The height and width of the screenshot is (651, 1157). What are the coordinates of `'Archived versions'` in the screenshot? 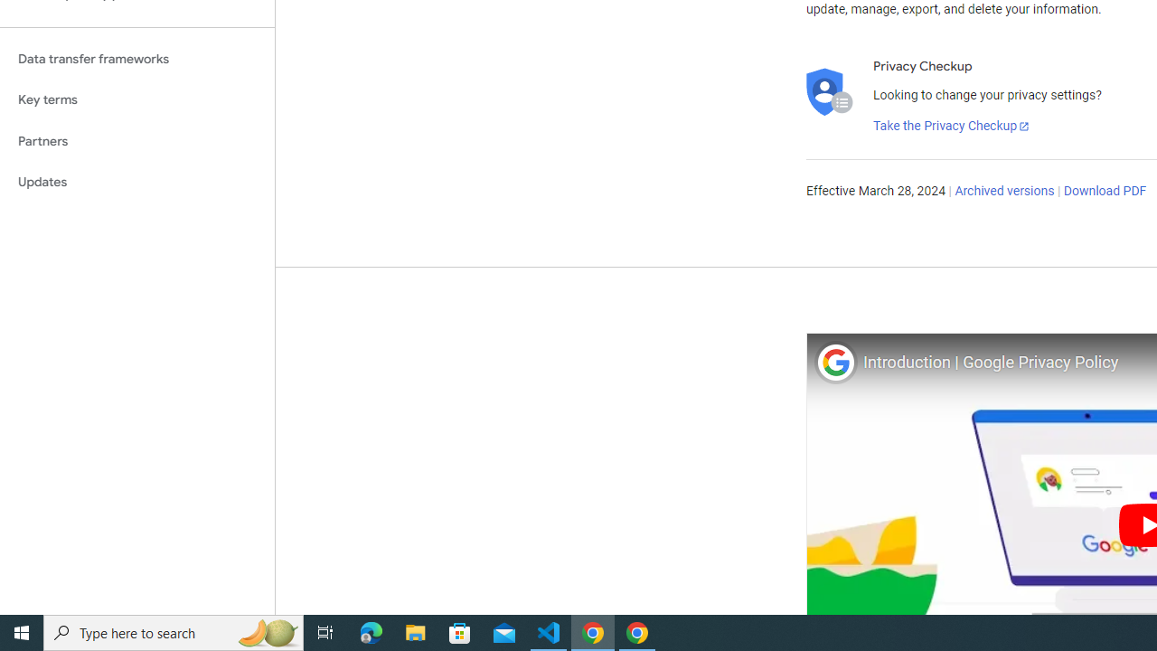 It's located at (1003, 192).